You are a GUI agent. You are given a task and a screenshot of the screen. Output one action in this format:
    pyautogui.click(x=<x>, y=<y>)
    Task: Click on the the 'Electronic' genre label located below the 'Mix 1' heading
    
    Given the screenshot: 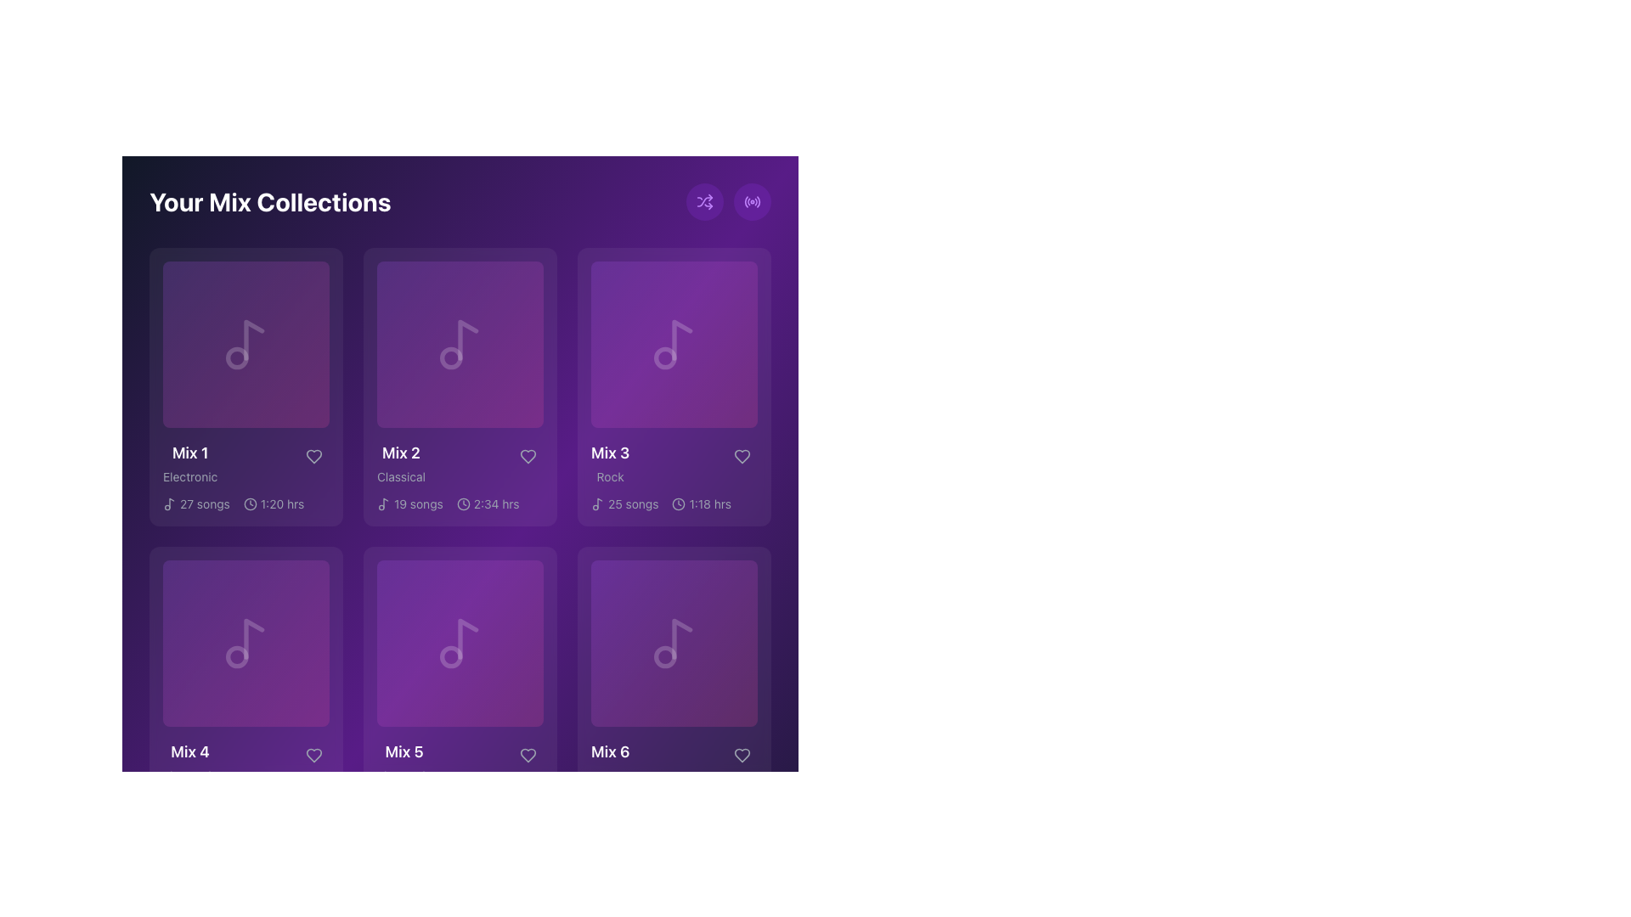 What is the action you would take?
    pyautogui.click(x=190, y=477)
    